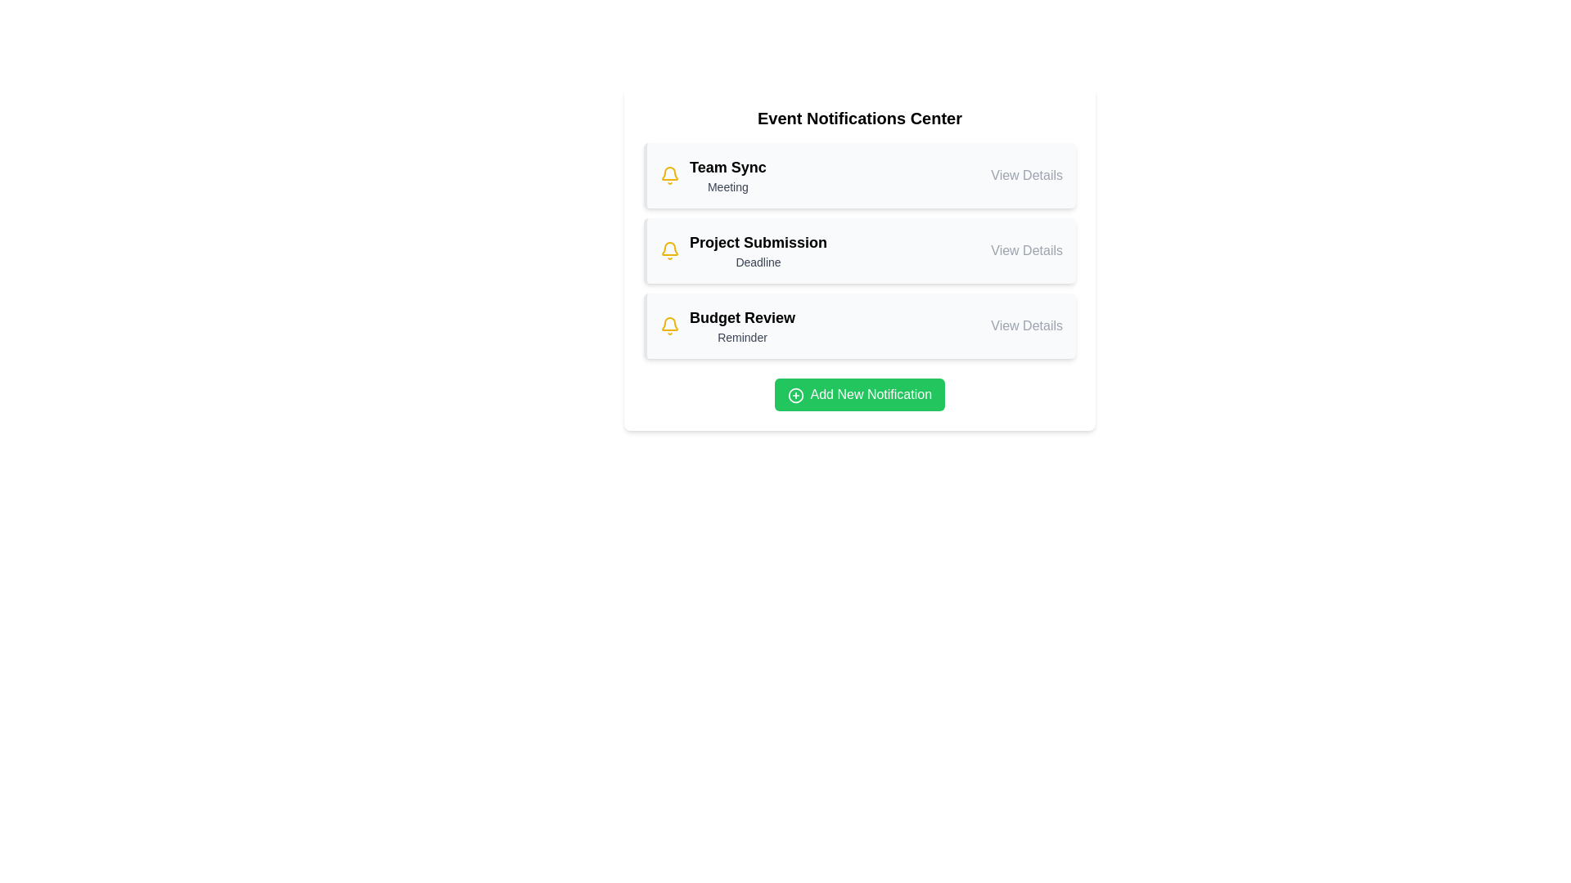 Image resolution: width=1571 pixels, height=883 pixels. Describe the element at coordinates (727, 325) in the screenshot. I see `the notification item labeled 'Budget Review' in the 'Event Notifications Center' interface, which is the third item in the notification list` at that location.